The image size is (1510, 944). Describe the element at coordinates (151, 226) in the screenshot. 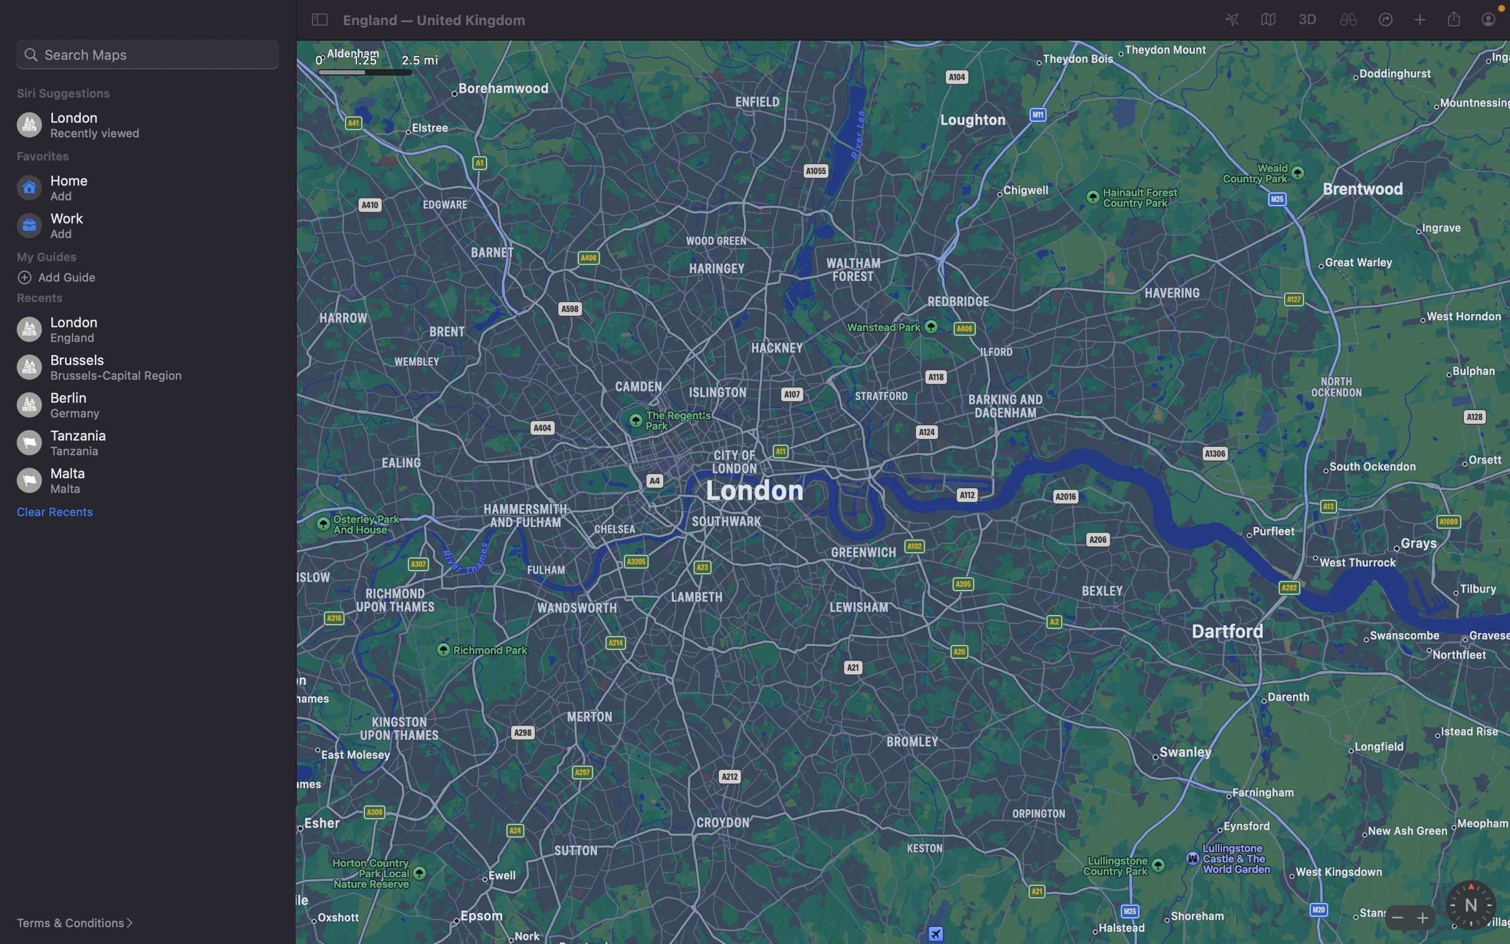

I see `Update the system with a fresh work location` at that location.